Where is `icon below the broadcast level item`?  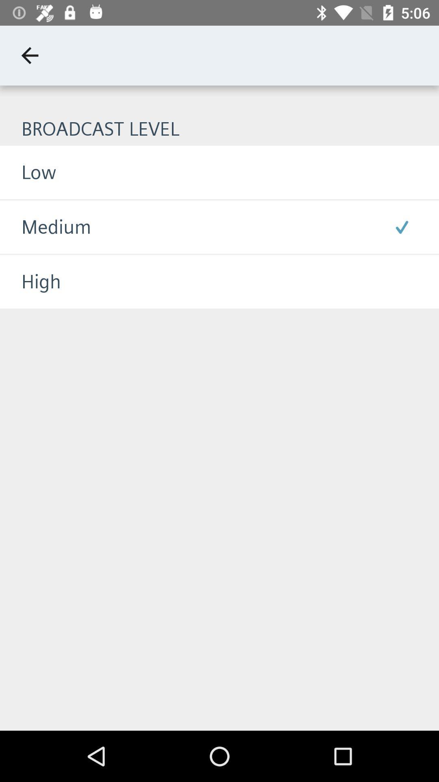 icon below the broadcast level item is located at coordinates (28, 172).